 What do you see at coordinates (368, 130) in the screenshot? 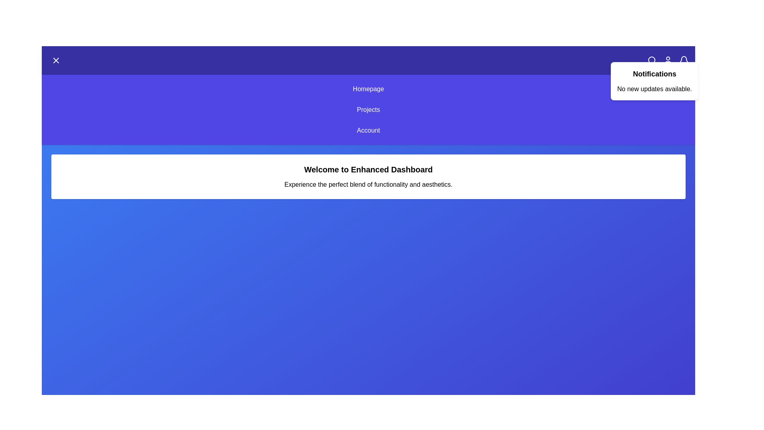
I see `the menu item Account from the available options` at bounding box center [368, 130].